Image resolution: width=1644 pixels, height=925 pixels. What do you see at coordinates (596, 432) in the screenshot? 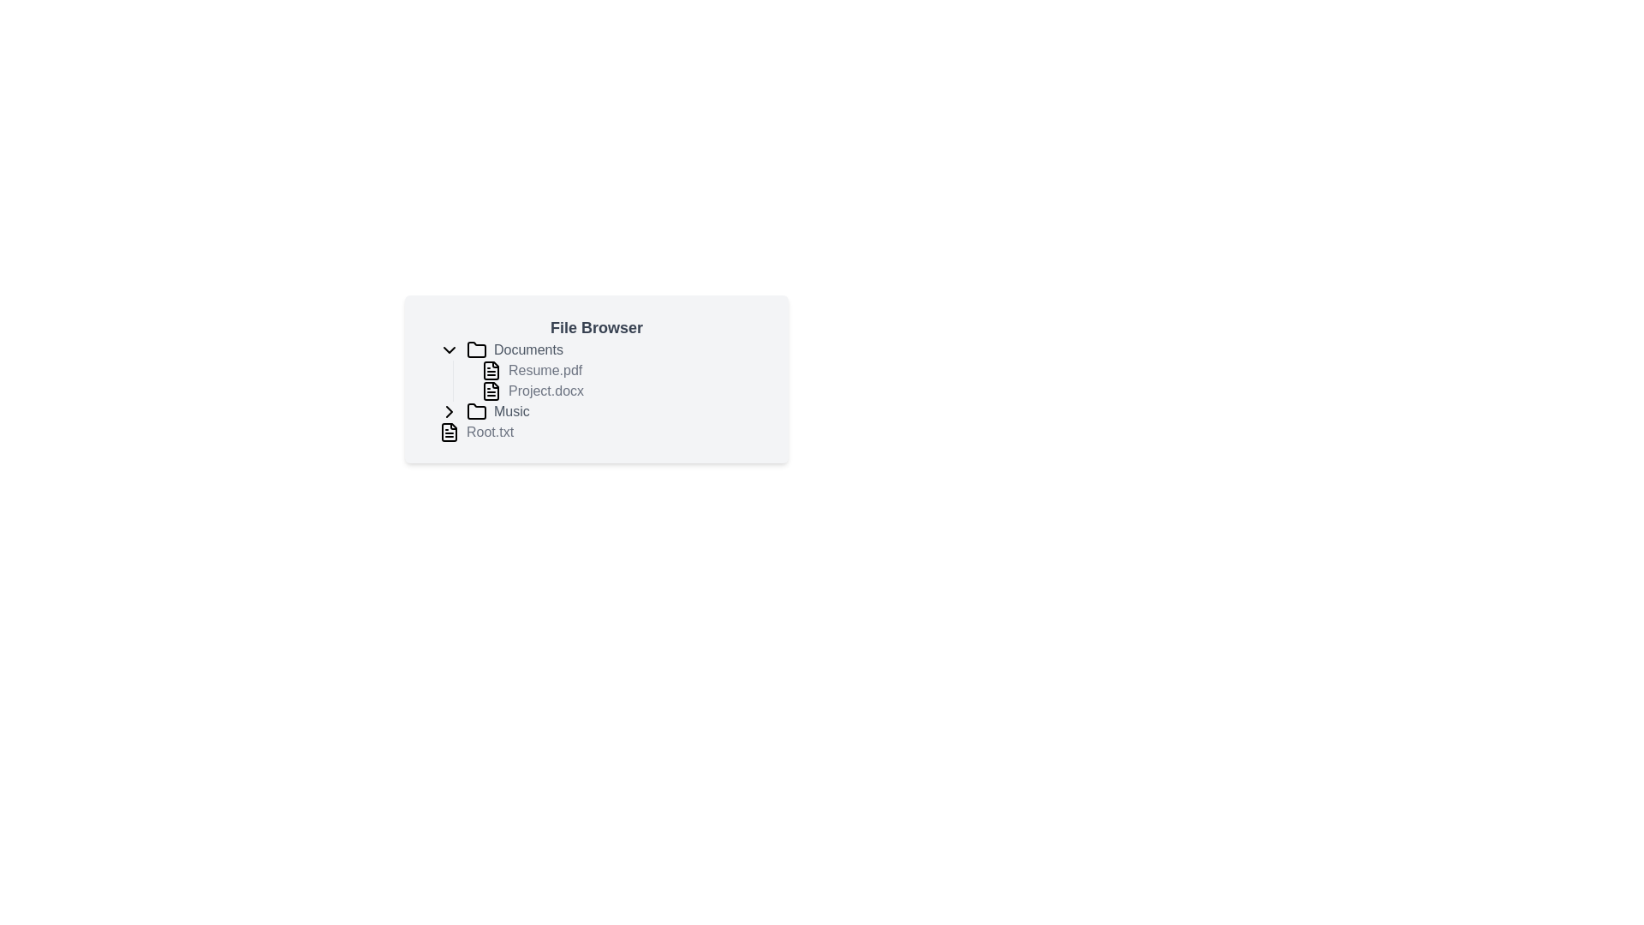
I see `the 'Root.txt' file item in the 'File Browser' interface` at bounding box center [596, 432].